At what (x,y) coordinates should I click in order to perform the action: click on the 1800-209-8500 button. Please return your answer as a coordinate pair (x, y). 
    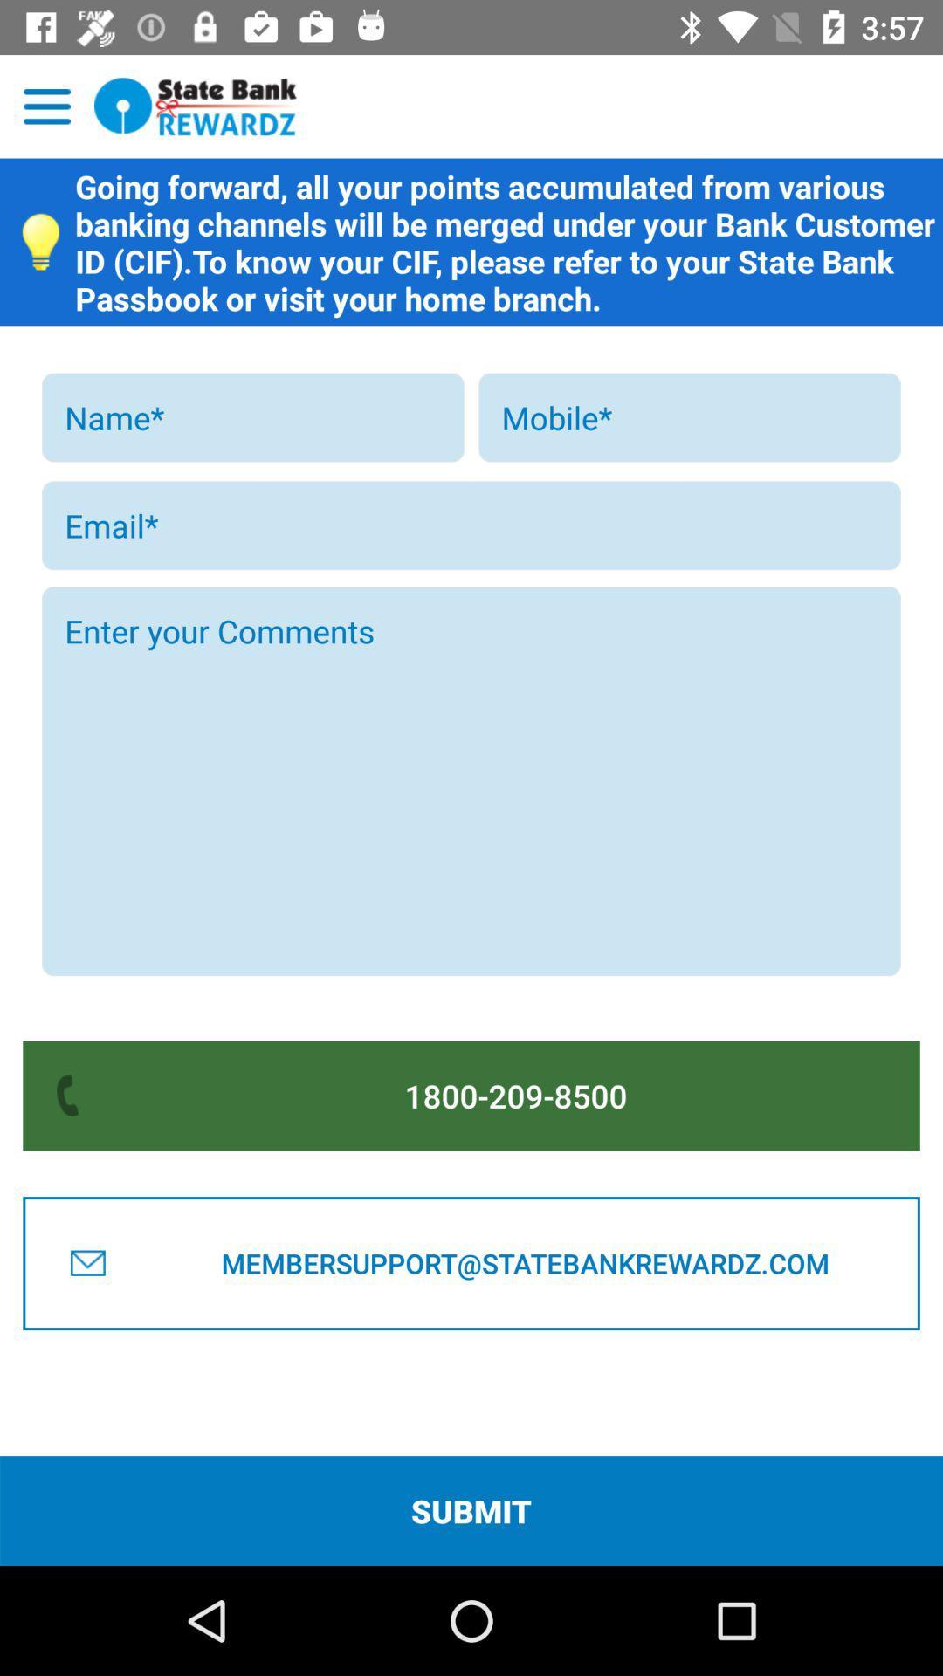
    Looking at the image, I should click on (515, 1095).